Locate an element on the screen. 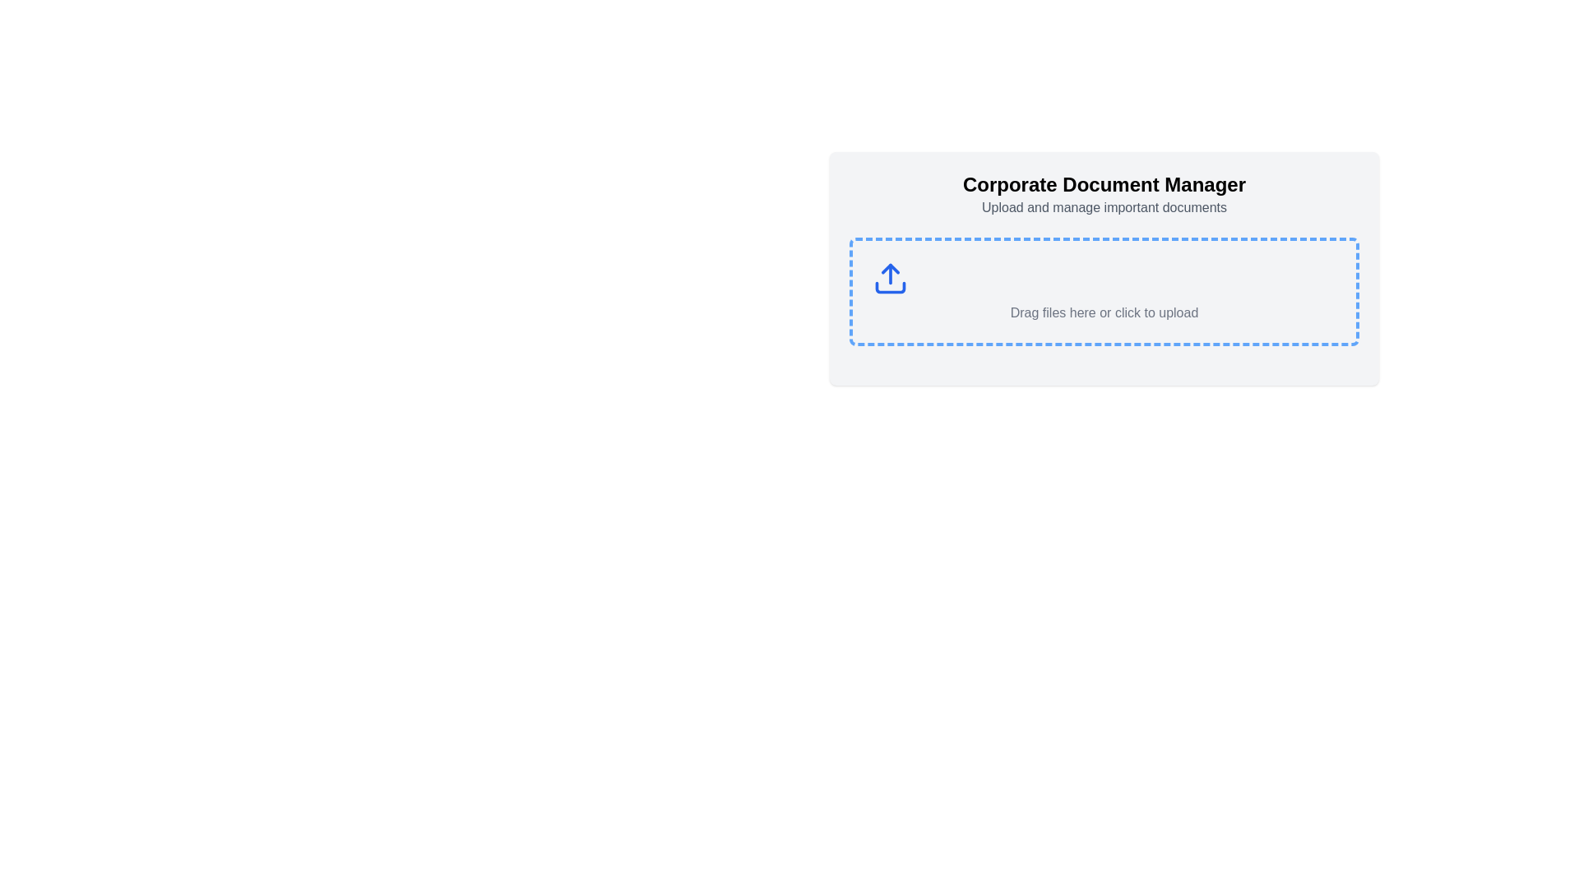 Image resolution: width=1579 pixels, height=888 pixels. the upload icon, which is a minimalist blue upward arrow located inside a larger interactive box labeled 'Drag files here or click to upload.' is located at coordinates (890, 278).